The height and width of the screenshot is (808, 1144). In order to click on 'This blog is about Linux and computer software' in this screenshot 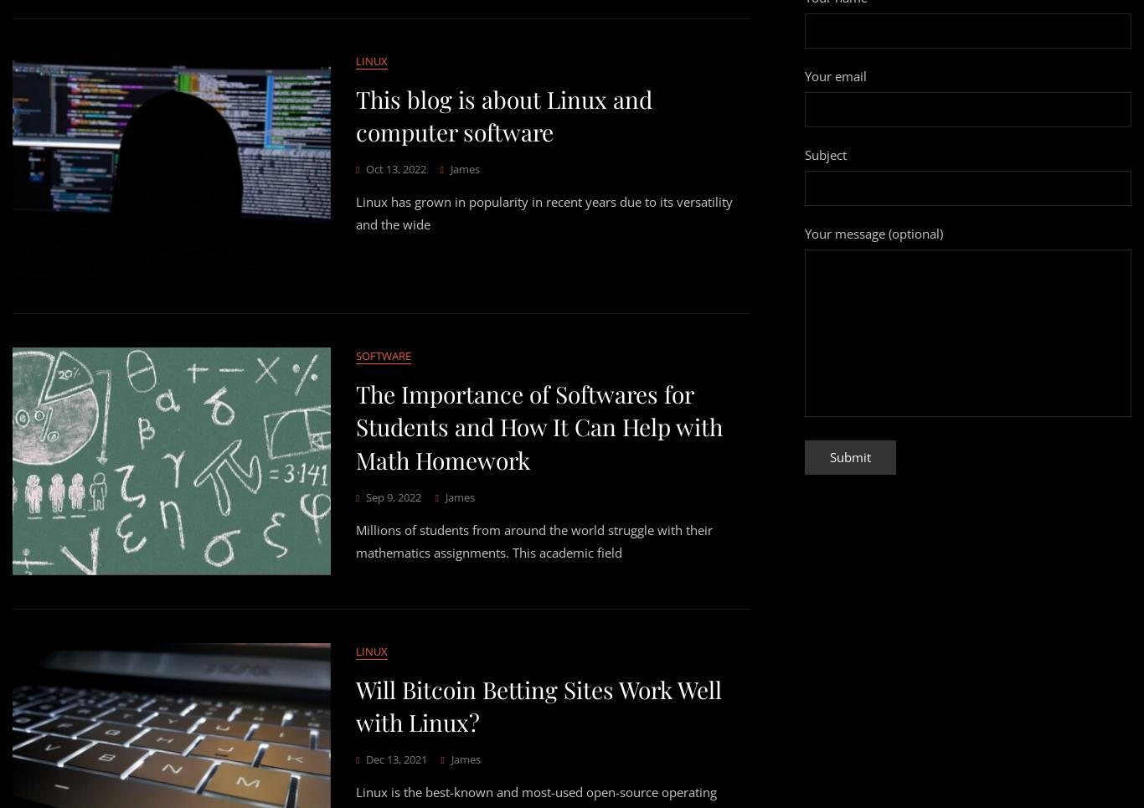, I will do `click(502, 115)`.